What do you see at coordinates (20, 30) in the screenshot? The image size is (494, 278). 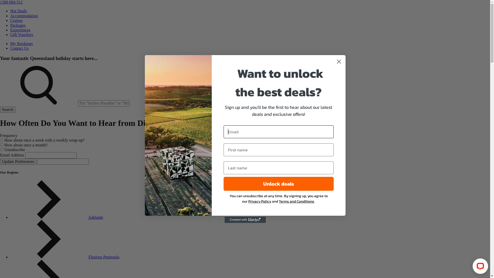 I see `'Experiences'` at bounding box center [20, 30].